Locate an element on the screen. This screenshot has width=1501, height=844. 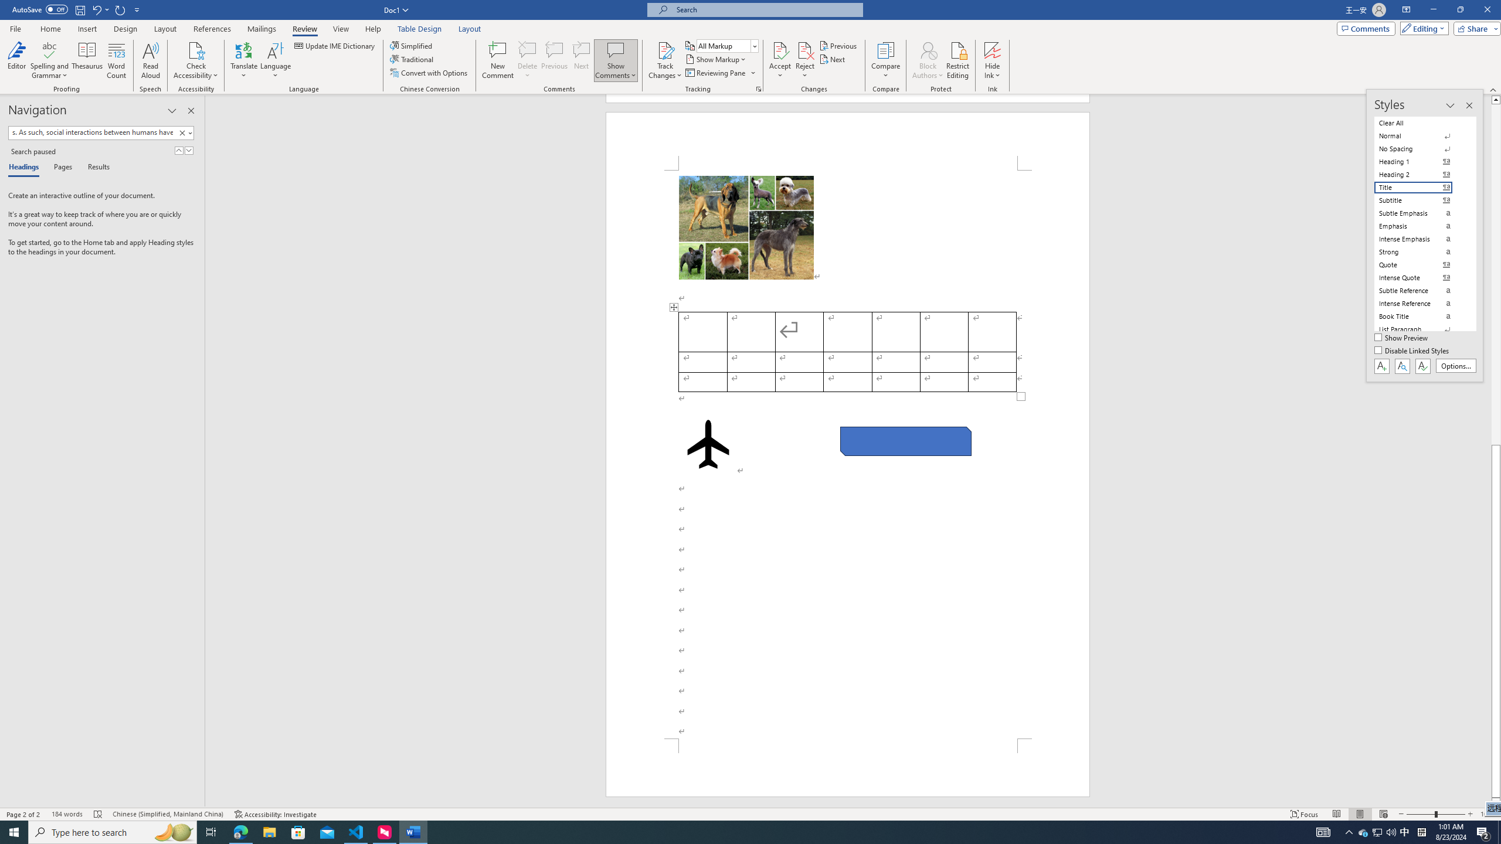
'System' is located at coordinates (6, 5).